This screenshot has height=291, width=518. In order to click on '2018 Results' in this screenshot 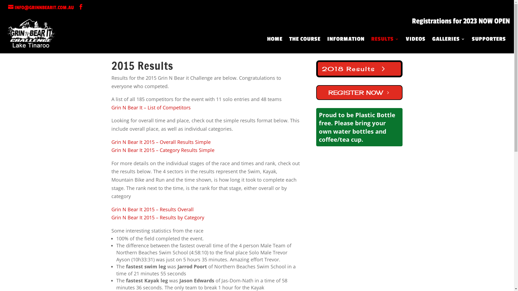, I will do `click(359, 68)`.